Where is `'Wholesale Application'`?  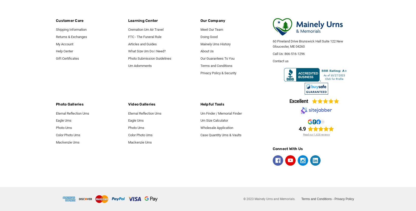
'Wholesale Application' is located at coordinates (200, 128).